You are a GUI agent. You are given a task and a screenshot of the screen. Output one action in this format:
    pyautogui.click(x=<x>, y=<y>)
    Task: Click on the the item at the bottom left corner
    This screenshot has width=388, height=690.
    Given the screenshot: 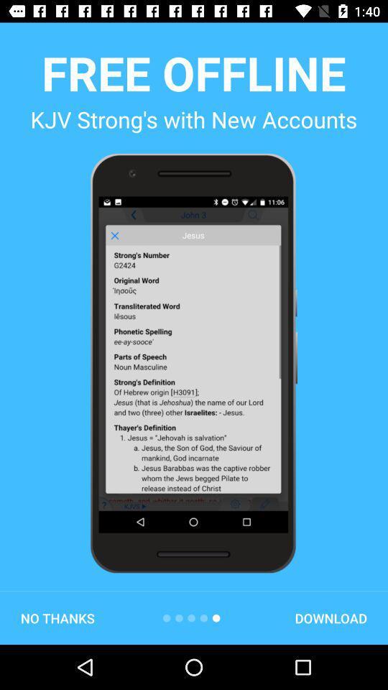 What is the action you would take?
    pyautogui.click(x=57, y=617)
    